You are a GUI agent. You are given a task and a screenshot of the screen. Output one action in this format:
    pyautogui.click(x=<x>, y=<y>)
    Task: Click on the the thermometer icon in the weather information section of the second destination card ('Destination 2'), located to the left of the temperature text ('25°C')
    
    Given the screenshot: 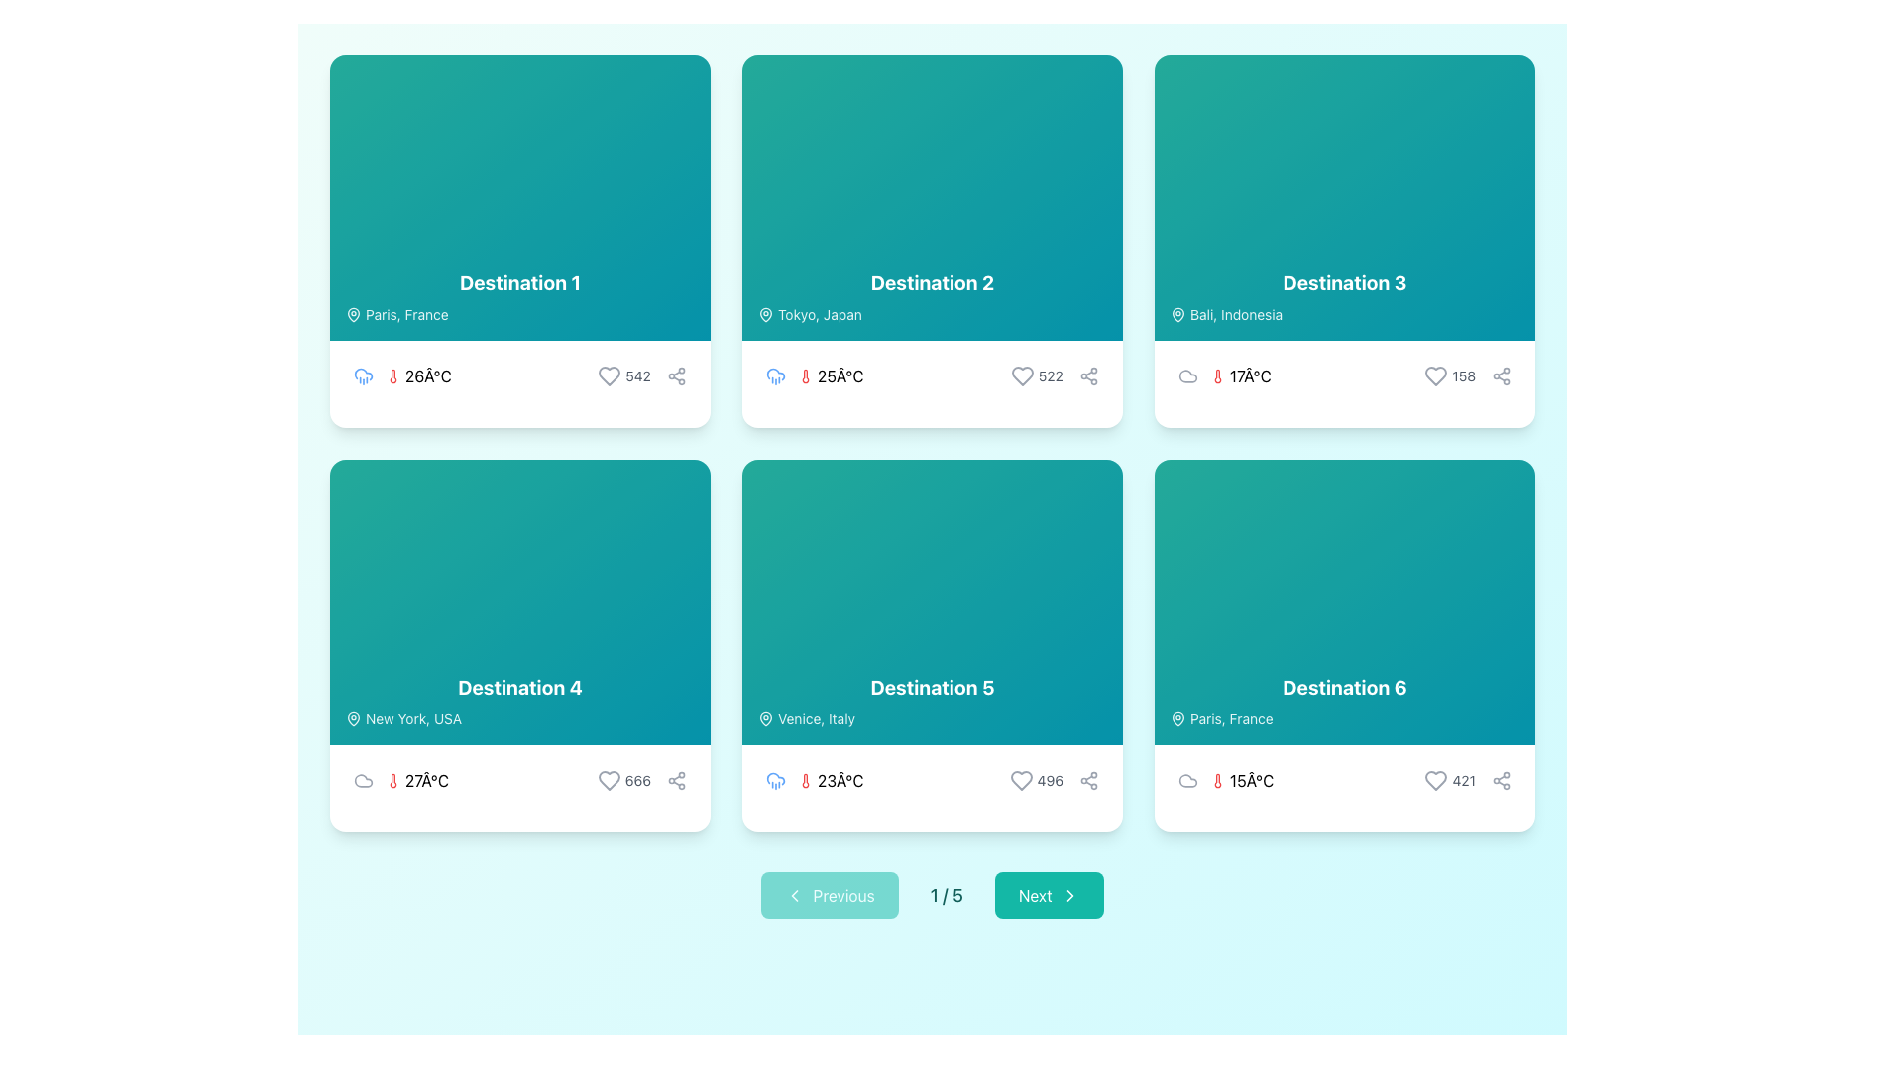 What is the action you would take?
    pyautogui.click(x=805, y=376)
    